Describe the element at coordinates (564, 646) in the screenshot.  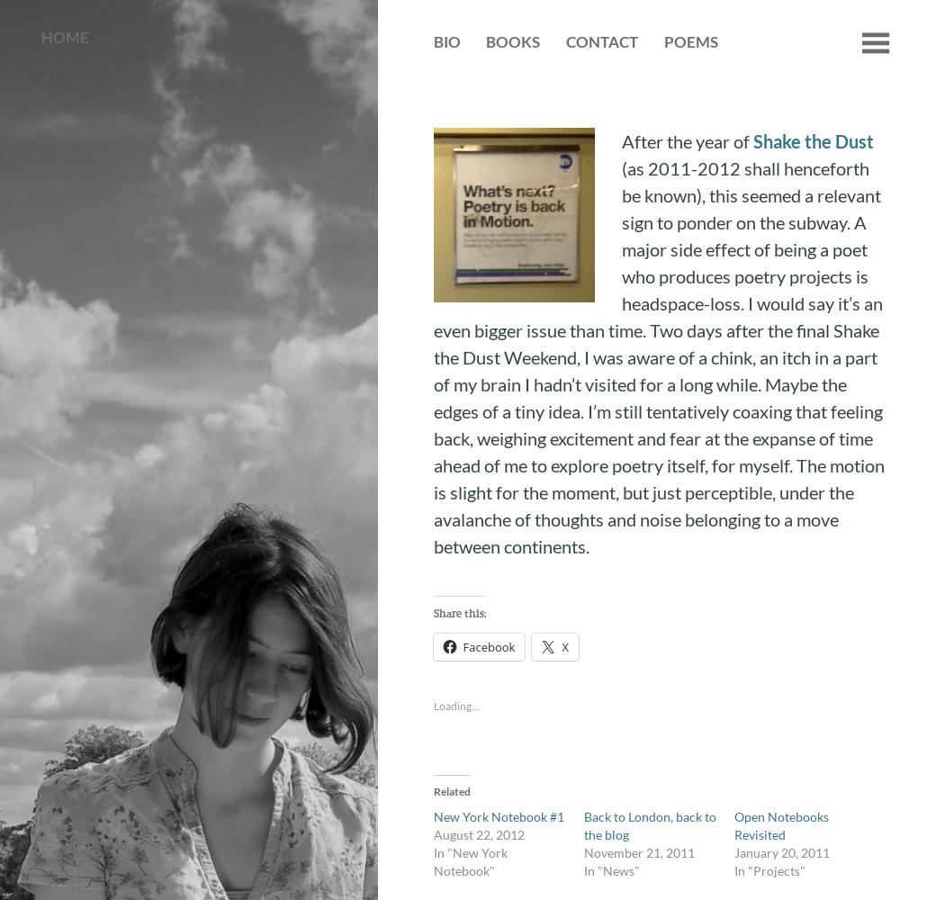
I see `'X'` at that location.